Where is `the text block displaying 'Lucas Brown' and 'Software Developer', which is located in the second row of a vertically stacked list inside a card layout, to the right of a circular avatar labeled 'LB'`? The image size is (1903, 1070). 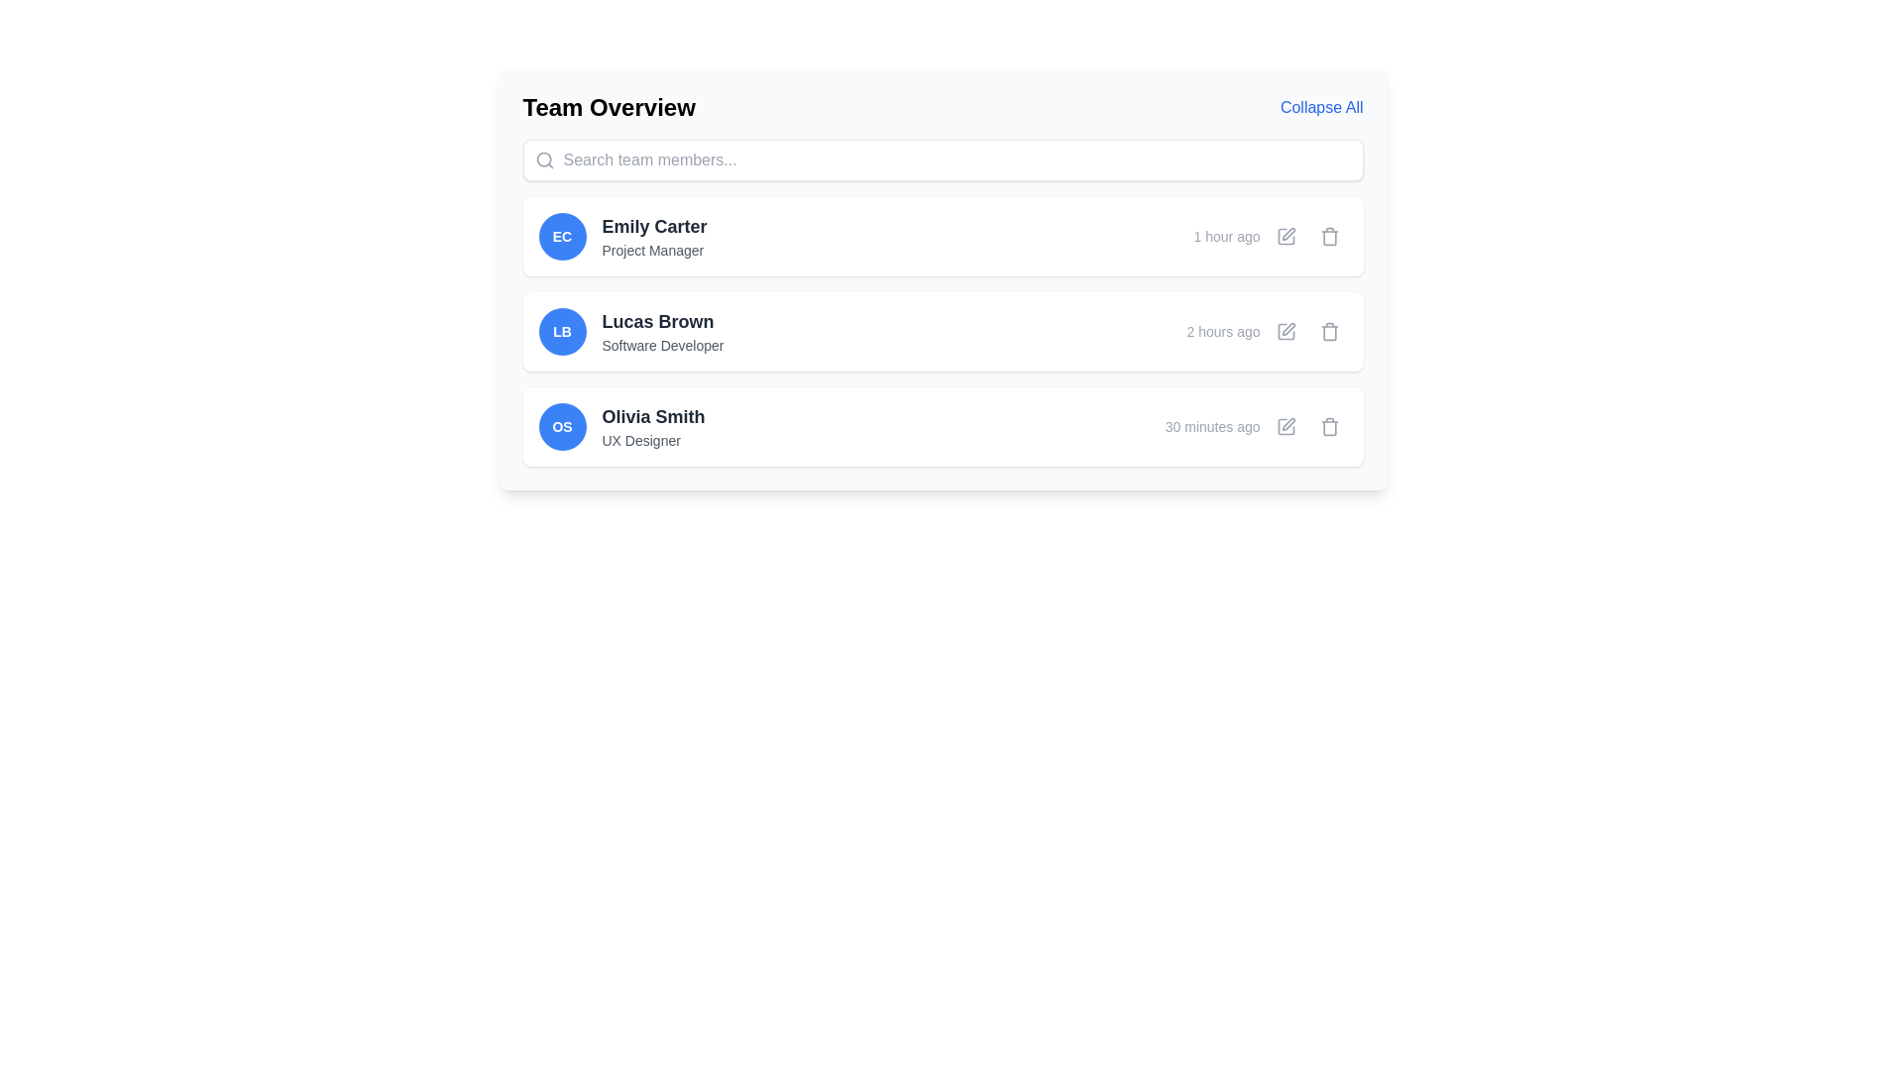 the text block displaying 'Lucas Brown' and 'Software Developer', which is located in the second row of a vertically stacked list inside a card layout, to the right of a circular avatar labeled 'LB' is located at coordinates (662, 331).